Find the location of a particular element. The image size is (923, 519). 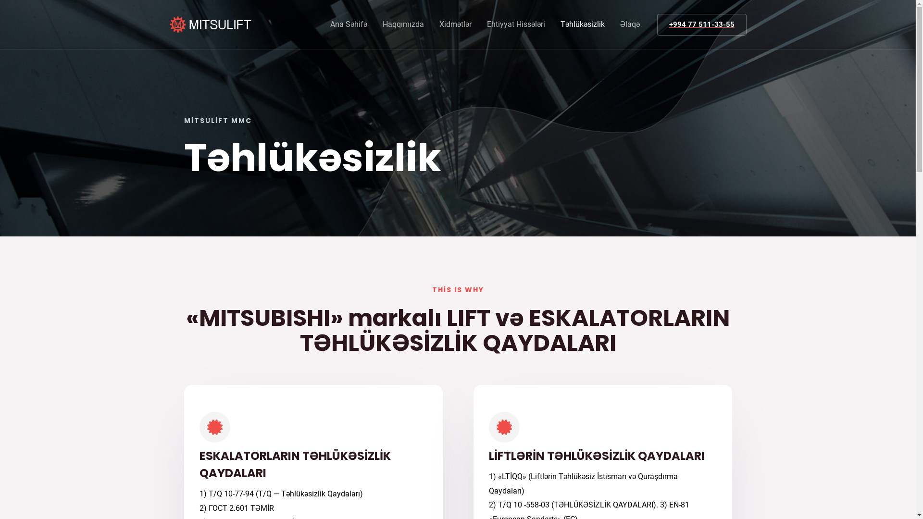

'+994 77 511-33-55' is located at coordinates (701, 24).